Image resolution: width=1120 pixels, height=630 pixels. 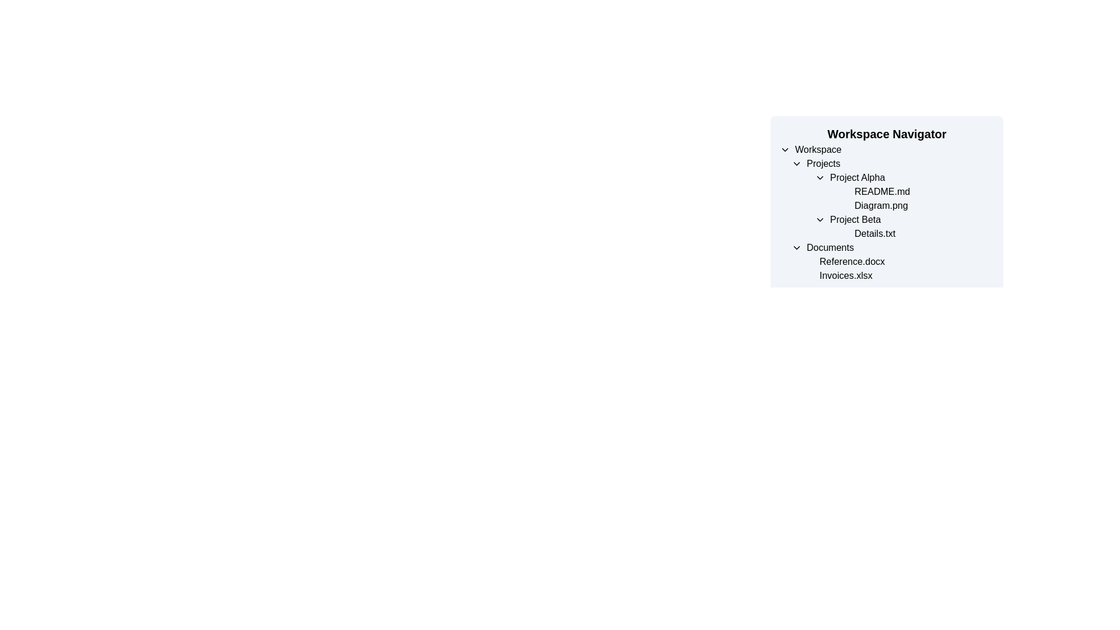 What do you see at coordinates (892, 191) in the screenshot?
I see `the text label displaying 'README.md' which is the second item under the heading 'Project Alpha' in the file tree view` at bounding box center [892, 191].